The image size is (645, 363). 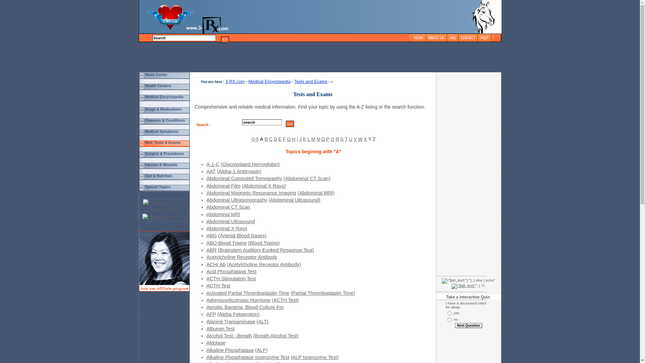 What do you see at coordinates (158, 187) in the screenshot?
I see `'Special Topics'` at bounding box center [158, 187].